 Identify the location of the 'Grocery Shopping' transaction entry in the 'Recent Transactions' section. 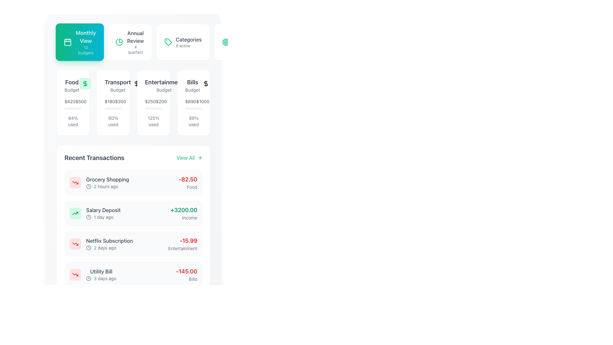
(99, 182).